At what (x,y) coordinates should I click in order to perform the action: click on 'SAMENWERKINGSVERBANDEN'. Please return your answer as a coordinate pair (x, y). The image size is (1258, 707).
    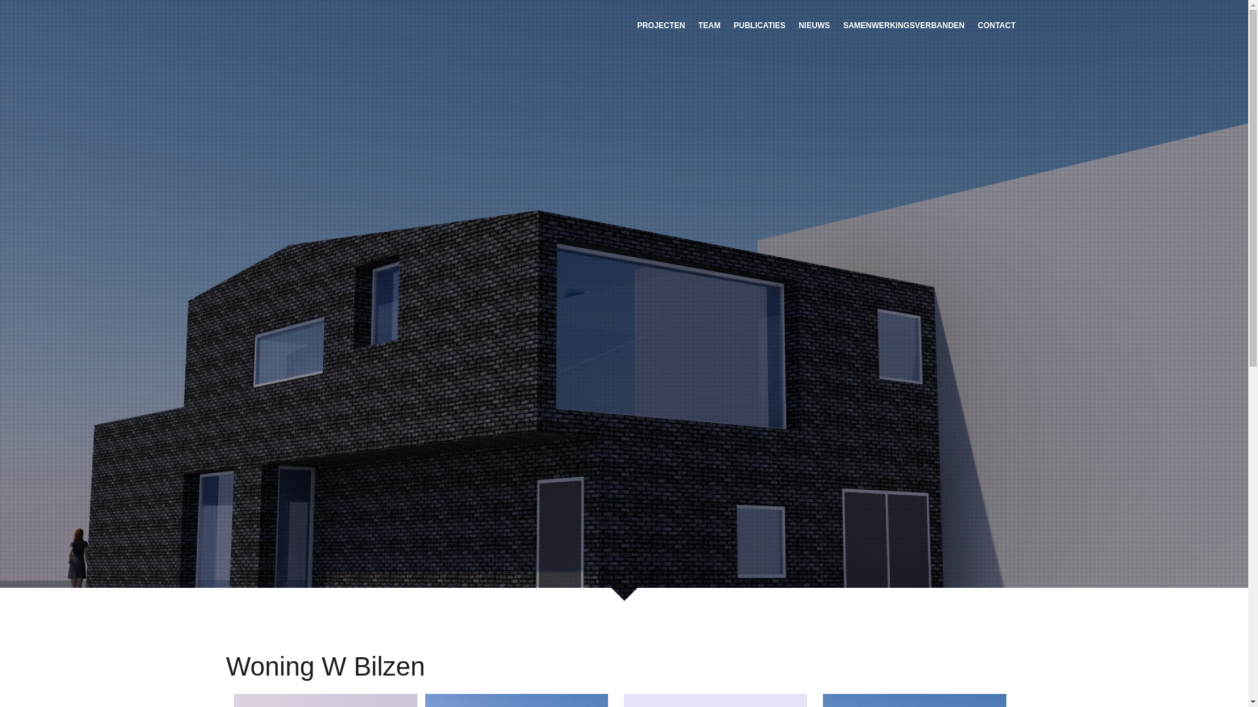
    Looking at the image, I should click on (903, 24).